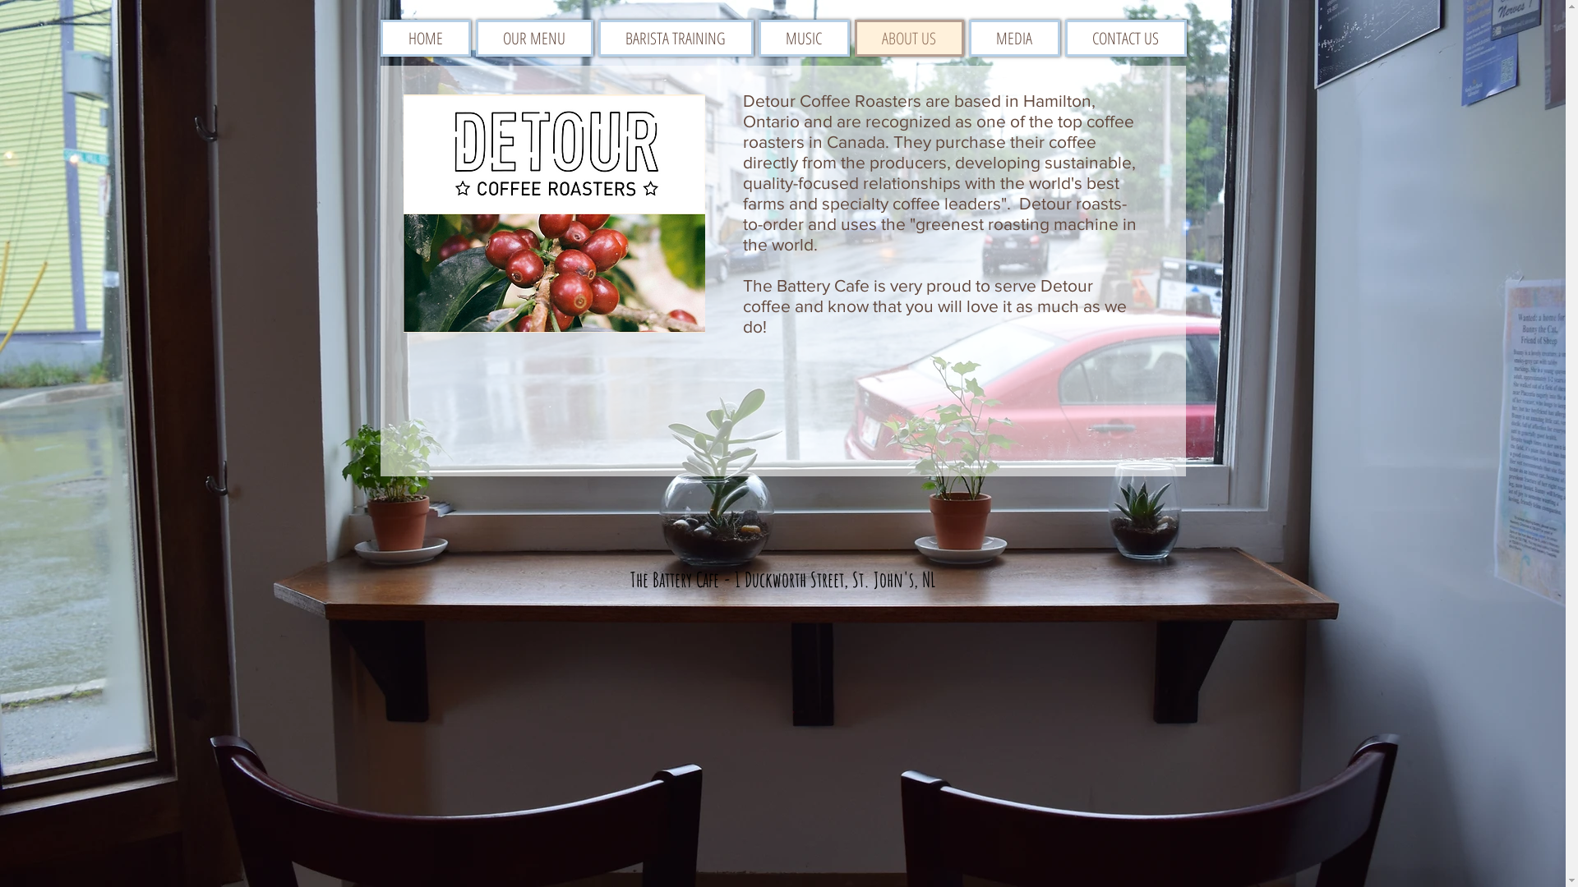 This screenshot has height=887, width=1578. What do you see at coordinates (1124, 37) in the screenshot?
I see `'CONTACT US'` at bounding box center [1124, 37].